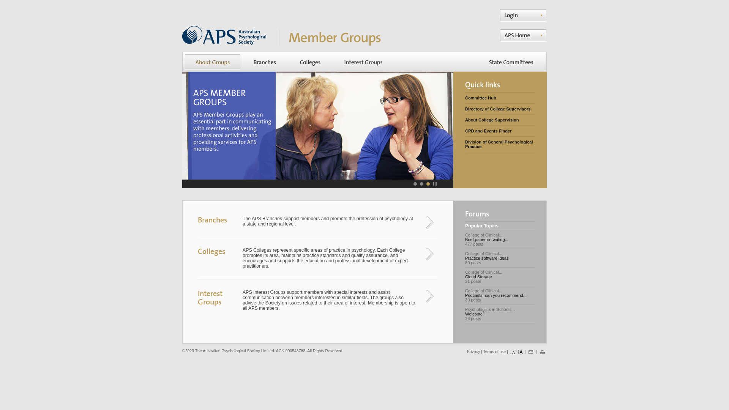  Describe the element at coordinates (464, 130) in the screenshot. I see `'CPD and Events Finder'` at that location.